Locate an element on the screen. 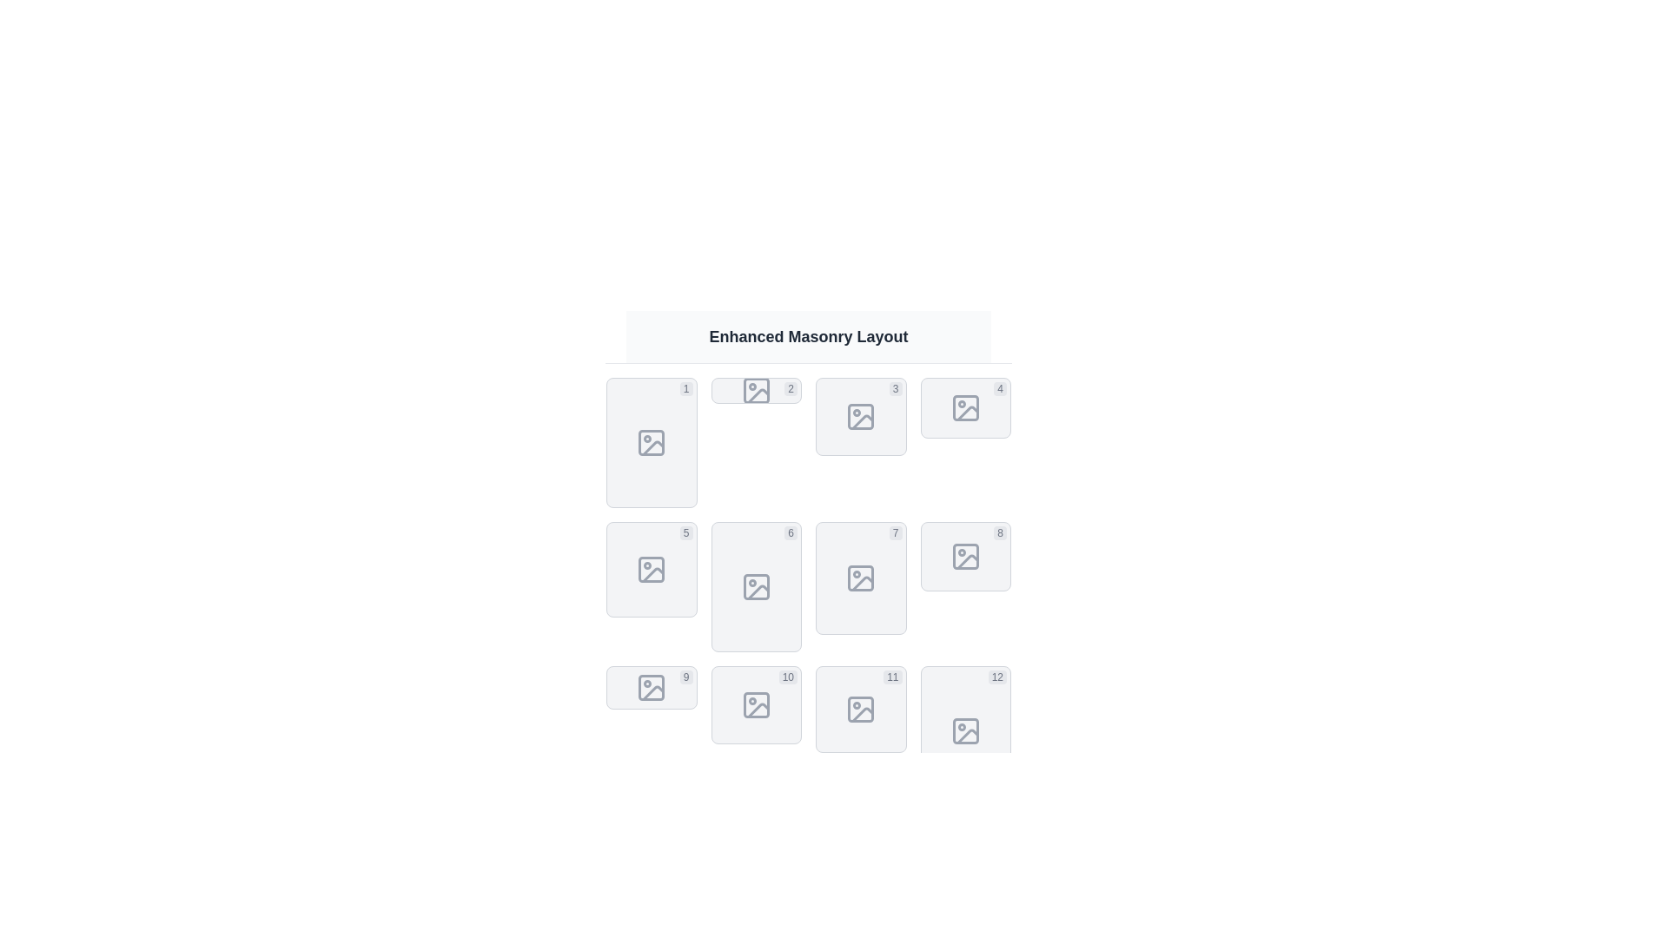 The image size is (1668, 938). the SVG-based icon that depicts an image with a border, featuring a circular detail at the top left and a slanted line across the lower right, styled in gray color, located in the tenth grid item of a 4-row layout is located at coordinates (756, 705).